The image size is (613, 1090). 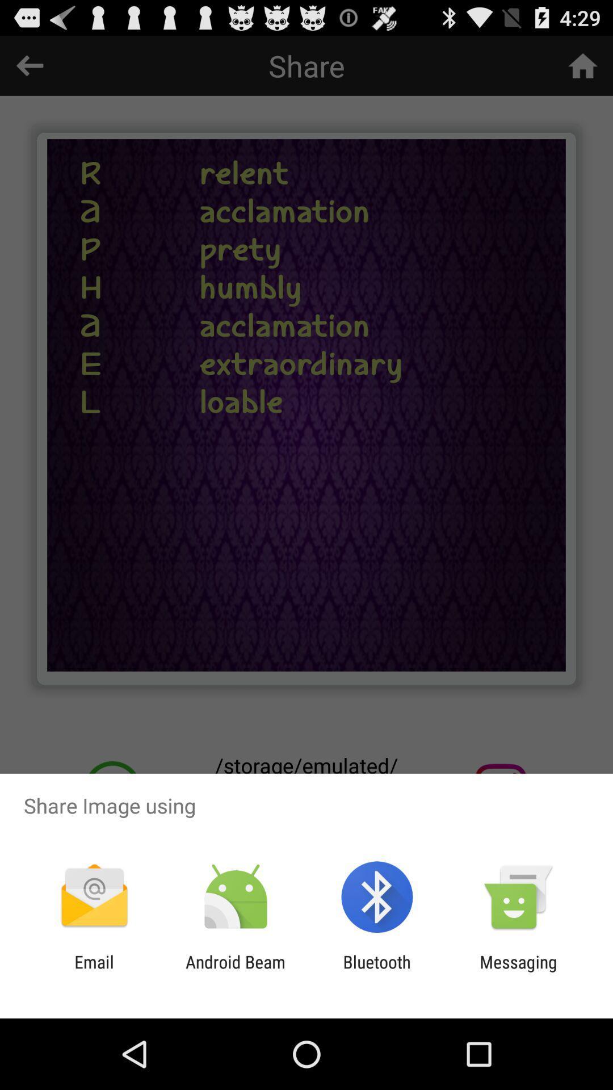 I want to click on the bluetooth item, so click(x=377, y=971).